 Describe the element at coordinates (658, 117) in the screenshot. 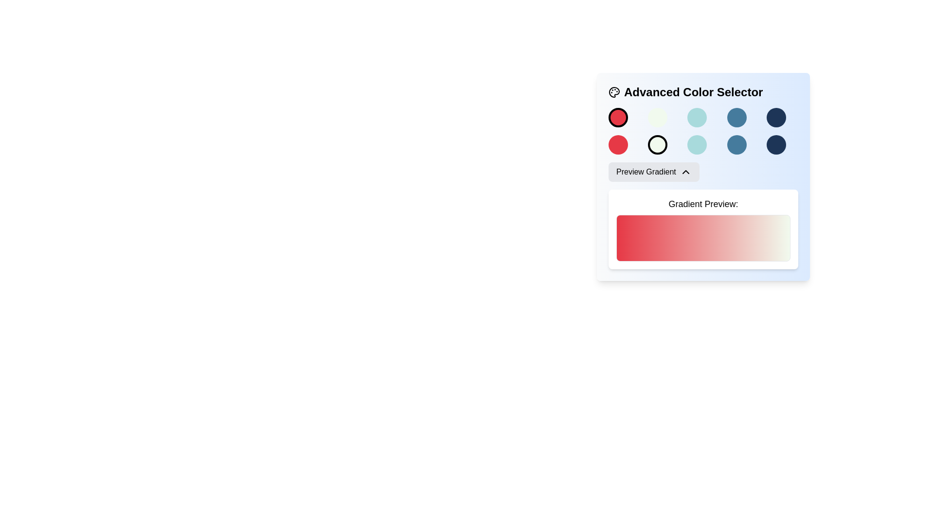

I see `the second button in the top row of the grid of circular color buttons` at that location.